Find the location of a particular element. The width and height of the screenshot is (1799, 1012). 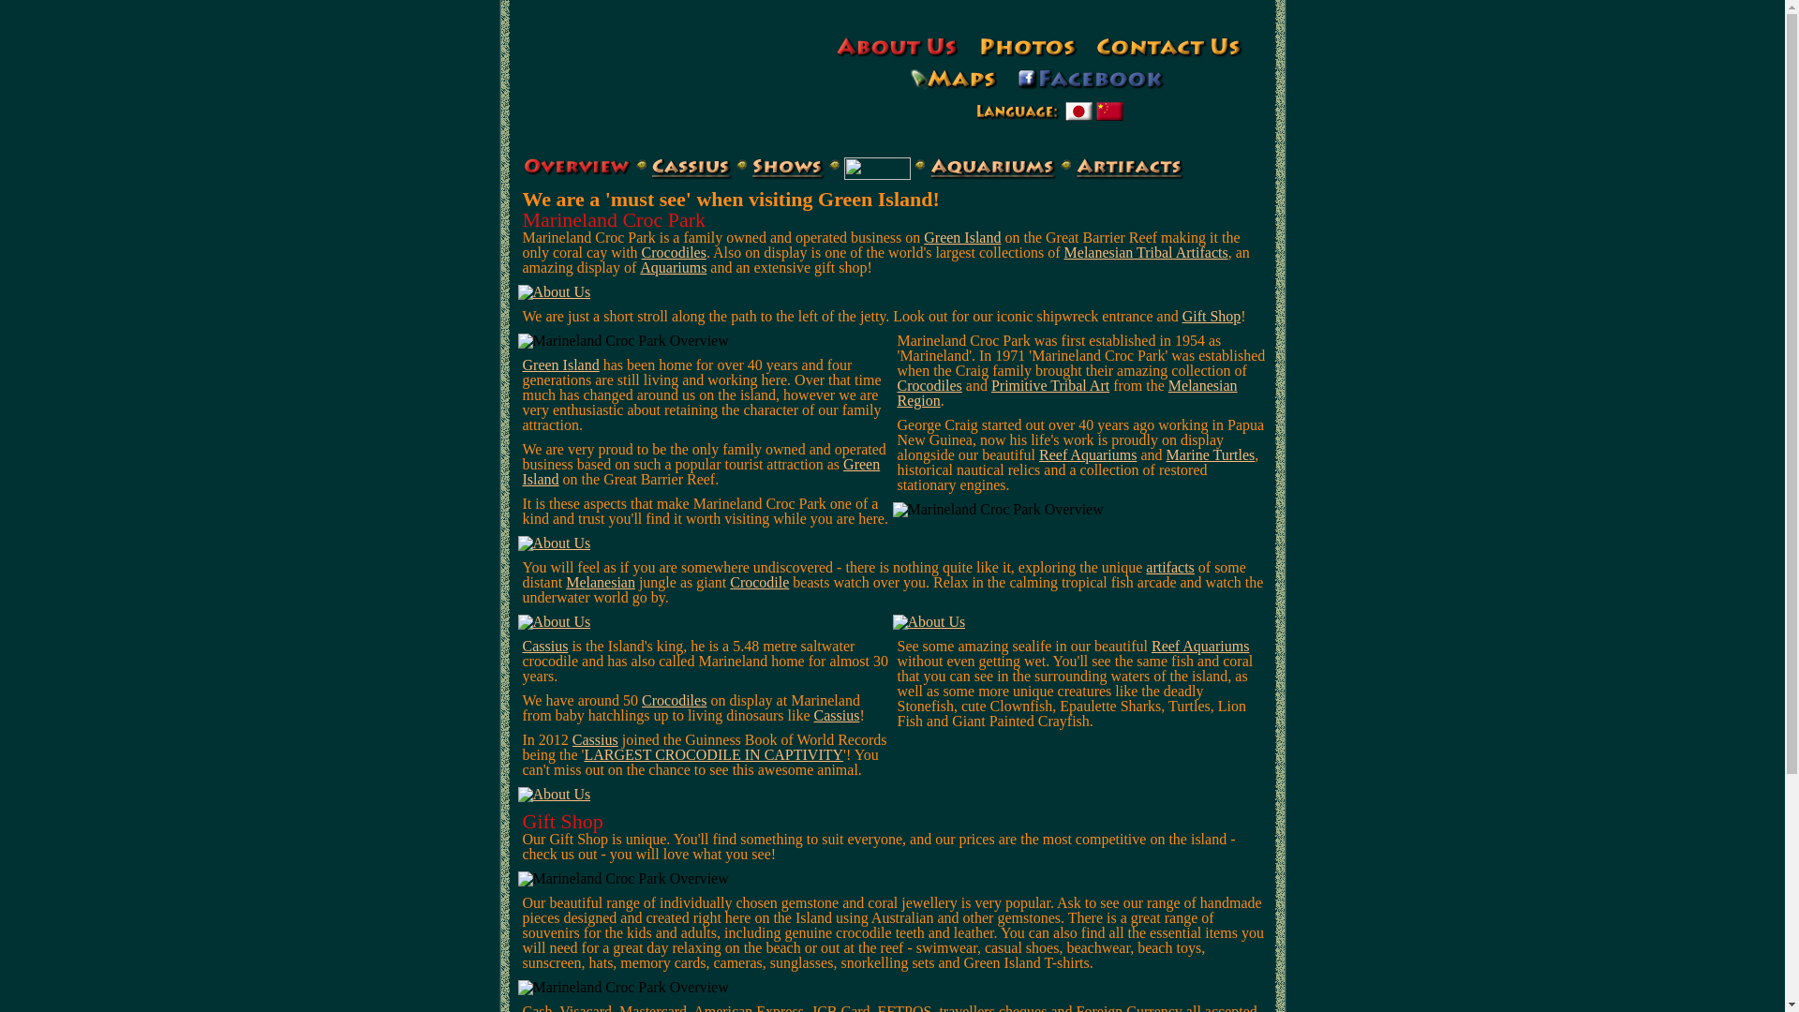

'Reef Aquariums' is located at coordinates (1088, 454).